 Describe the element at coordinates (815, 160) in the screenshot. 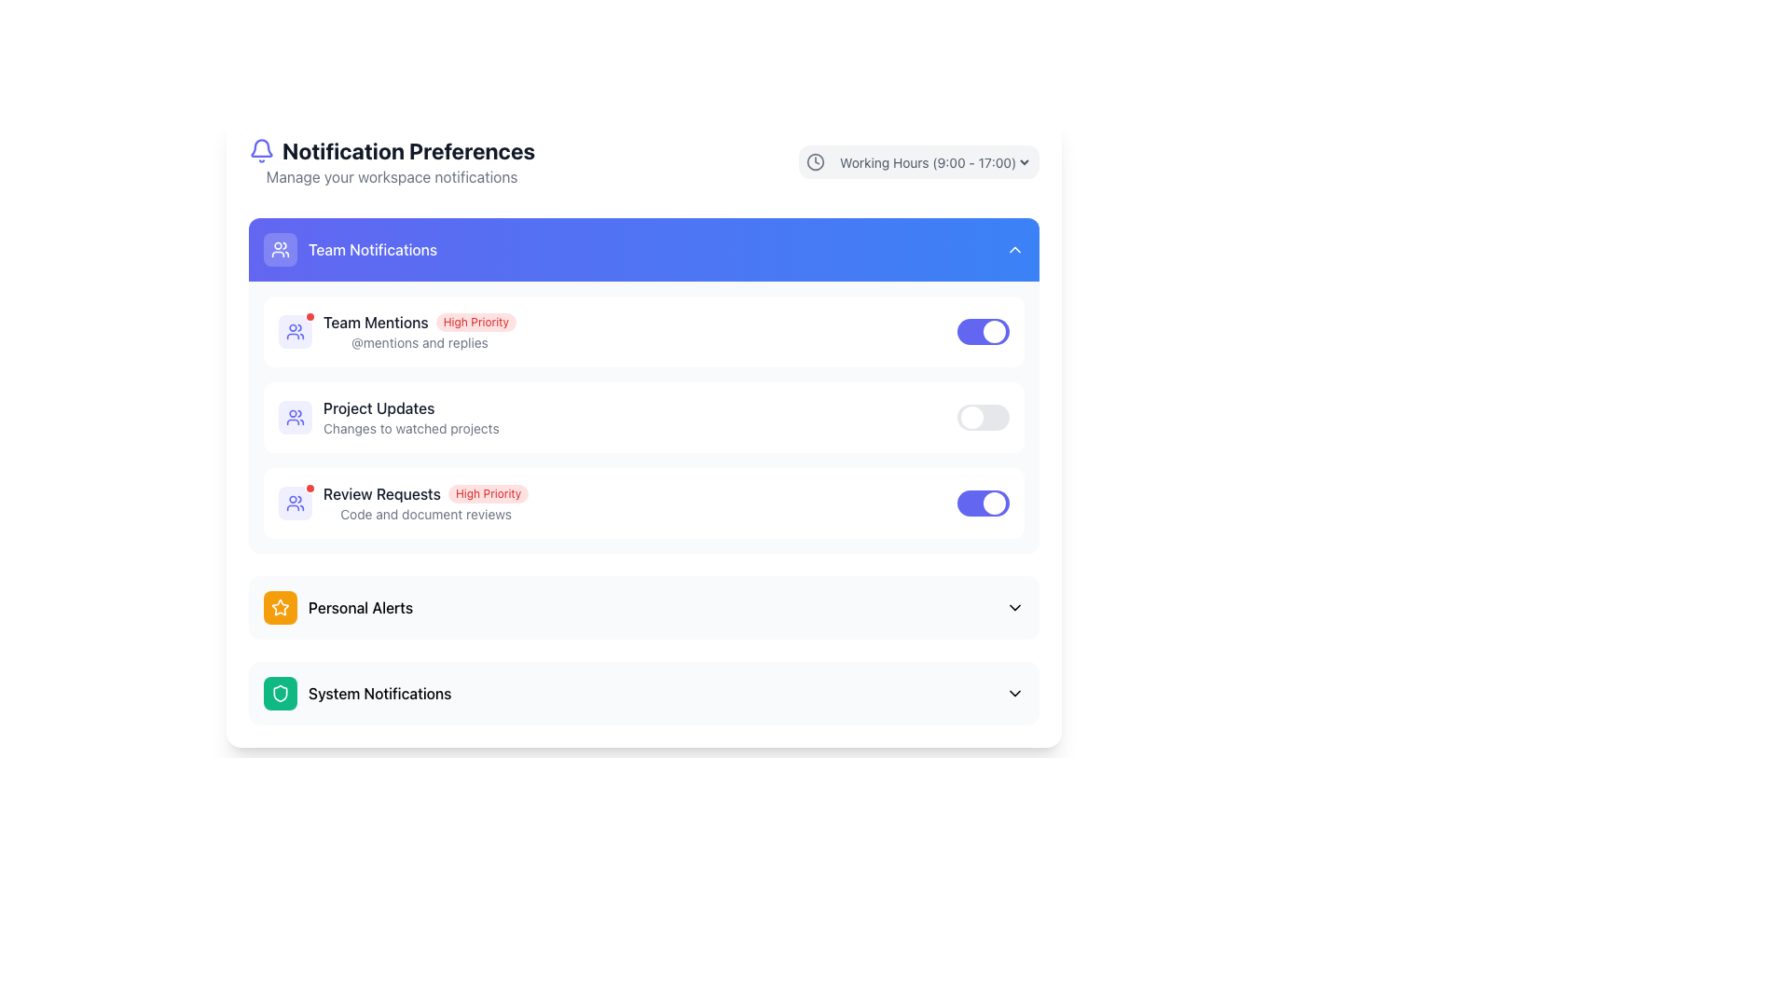

I see `the clock-like icon located in the top right portion of the interface, styled with a gray color scheme and positioned to the left of the 'Working Hours (9:00 - 17:00)' text` at that location.